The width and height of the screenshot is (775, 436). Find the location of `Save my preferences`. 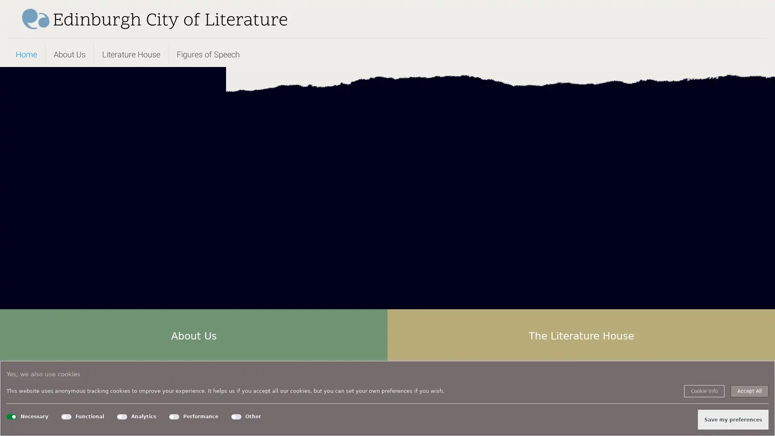

Save my preferences is located at coordinates (733, 419).